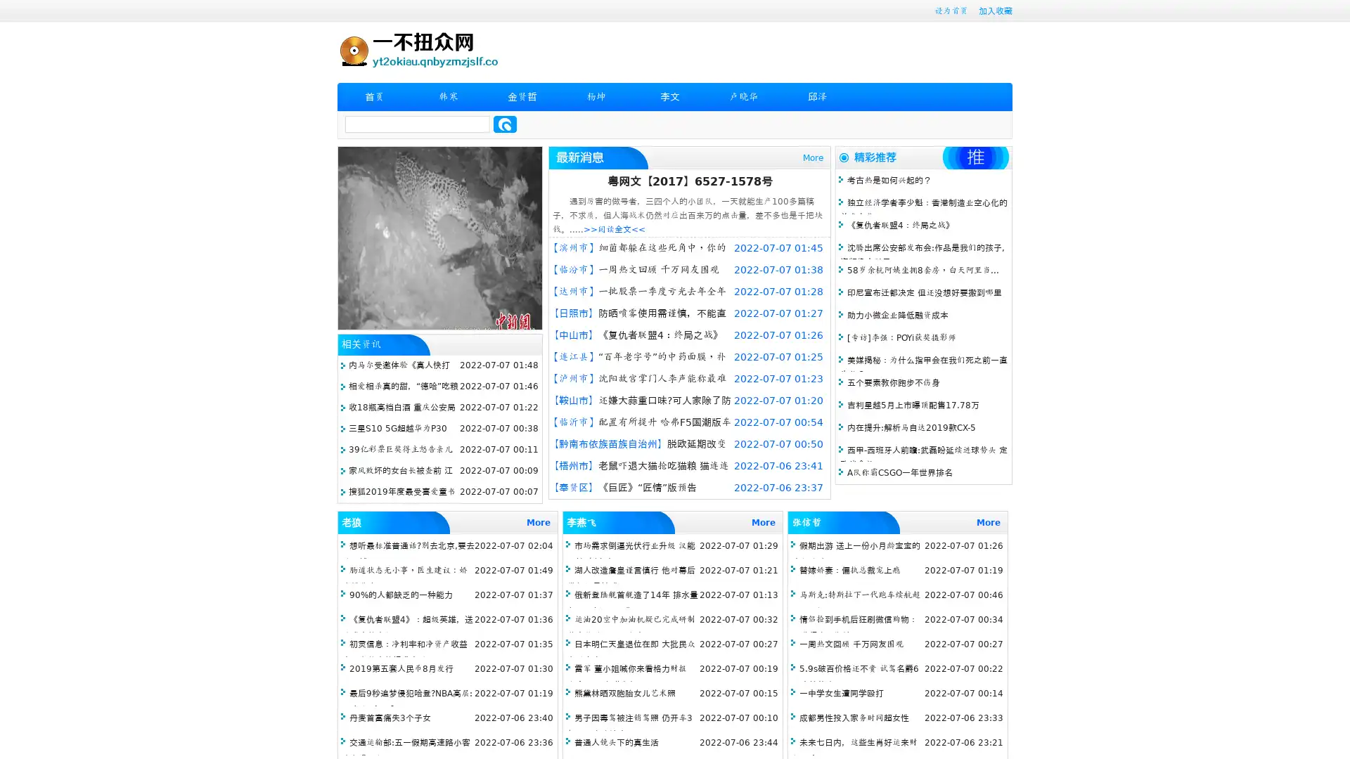 The image size is (1350, 759). I want to click on Search, so click(505, 124).